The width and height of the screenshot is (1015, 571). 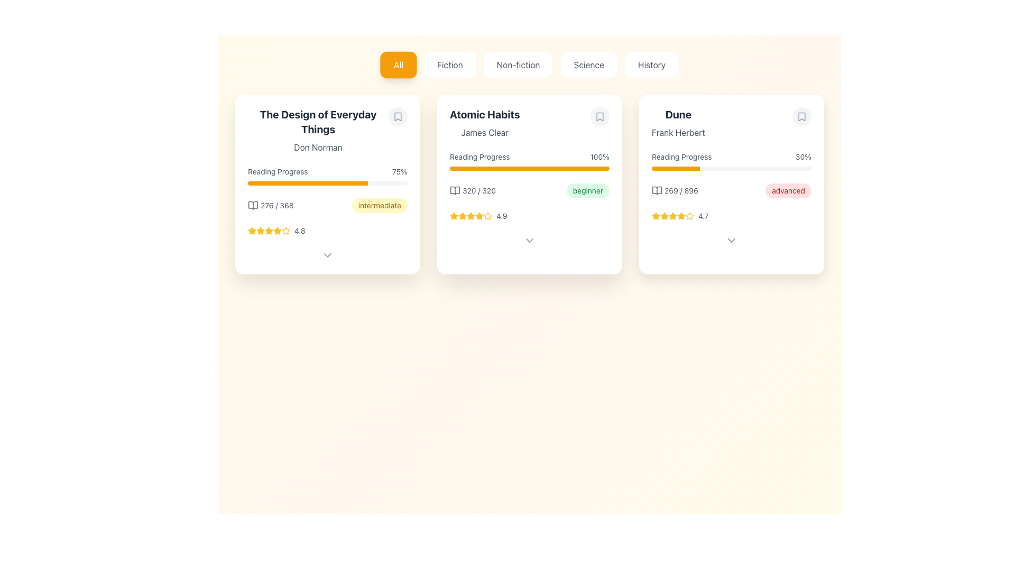 I want to click on the third star icon in the 5-star rating system for the book 'Dune' to provide visual feedback on ratings, so click(x=681, y=215).